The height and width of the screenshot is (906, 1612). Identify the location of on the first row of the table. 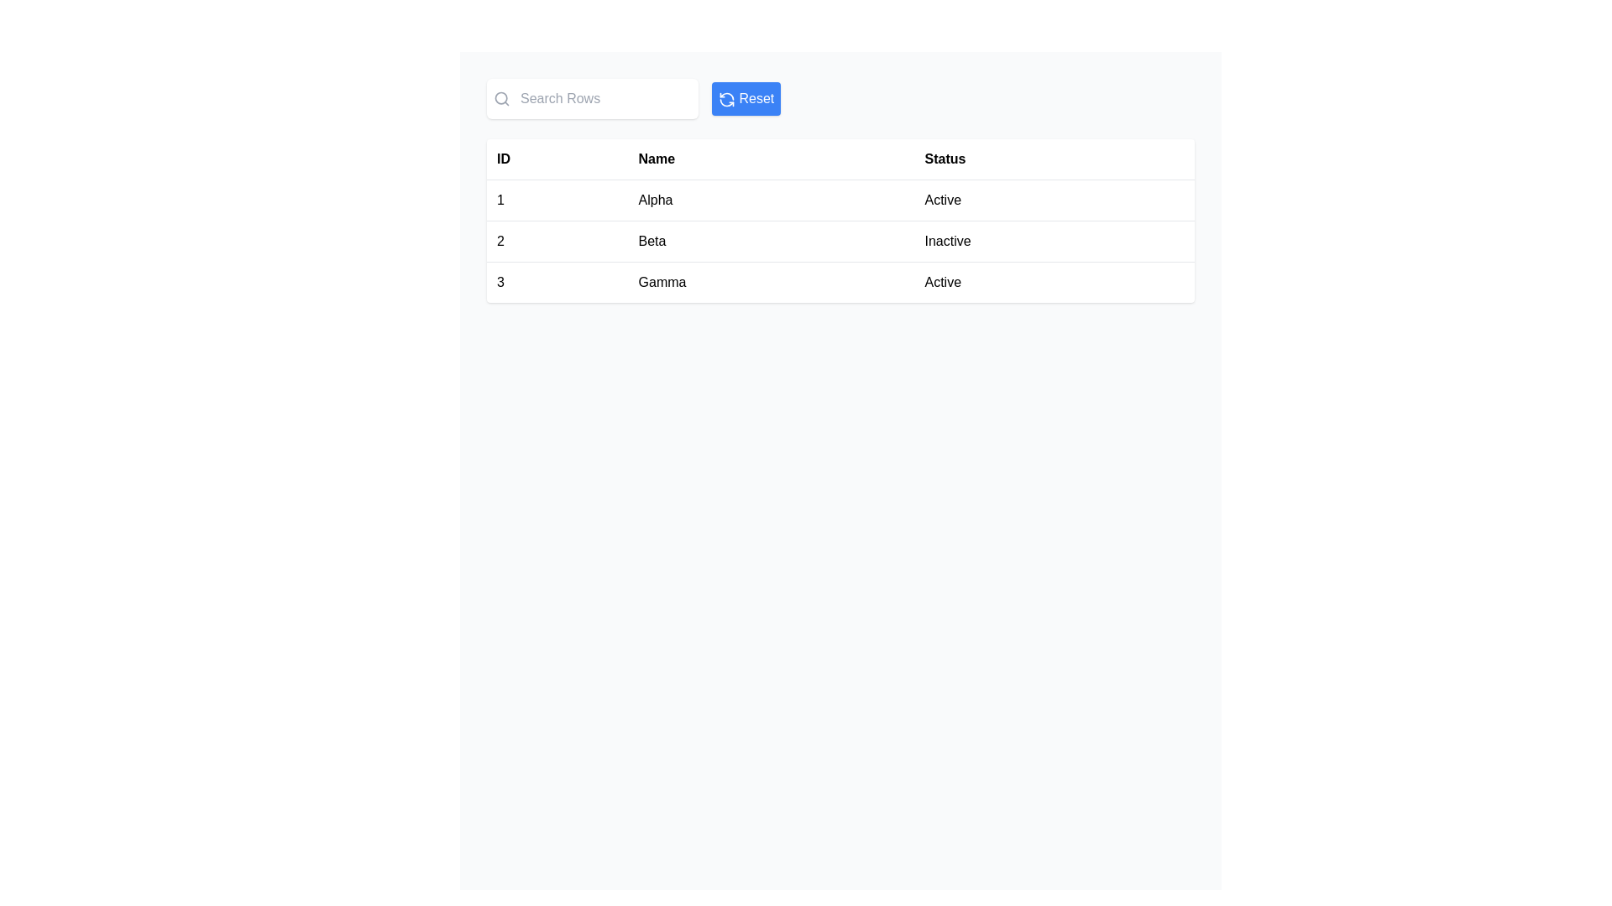
(840, 200).